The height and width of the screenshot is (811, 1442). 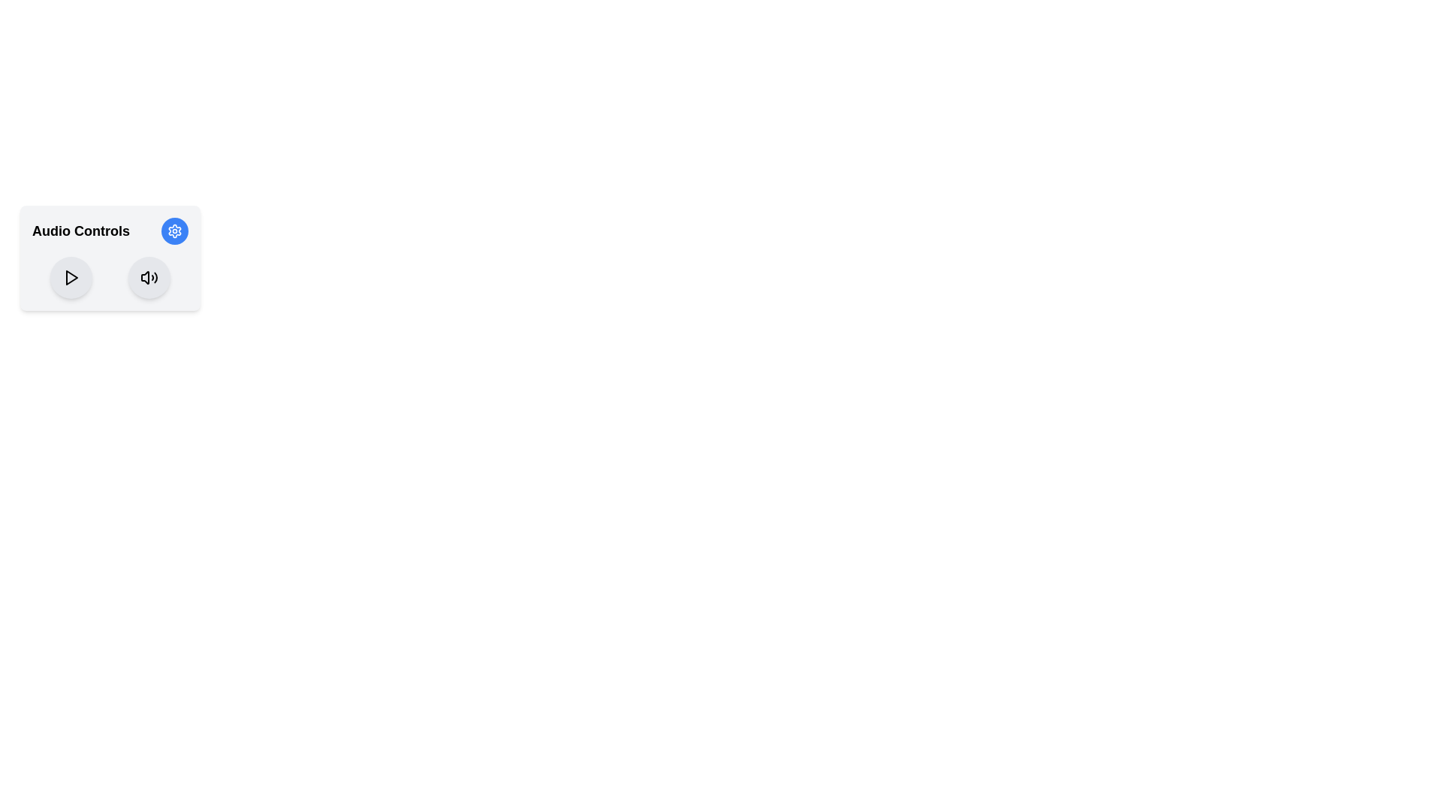 I want to click on the audio control button located to the right of the play button, so click(x=149, y=278).